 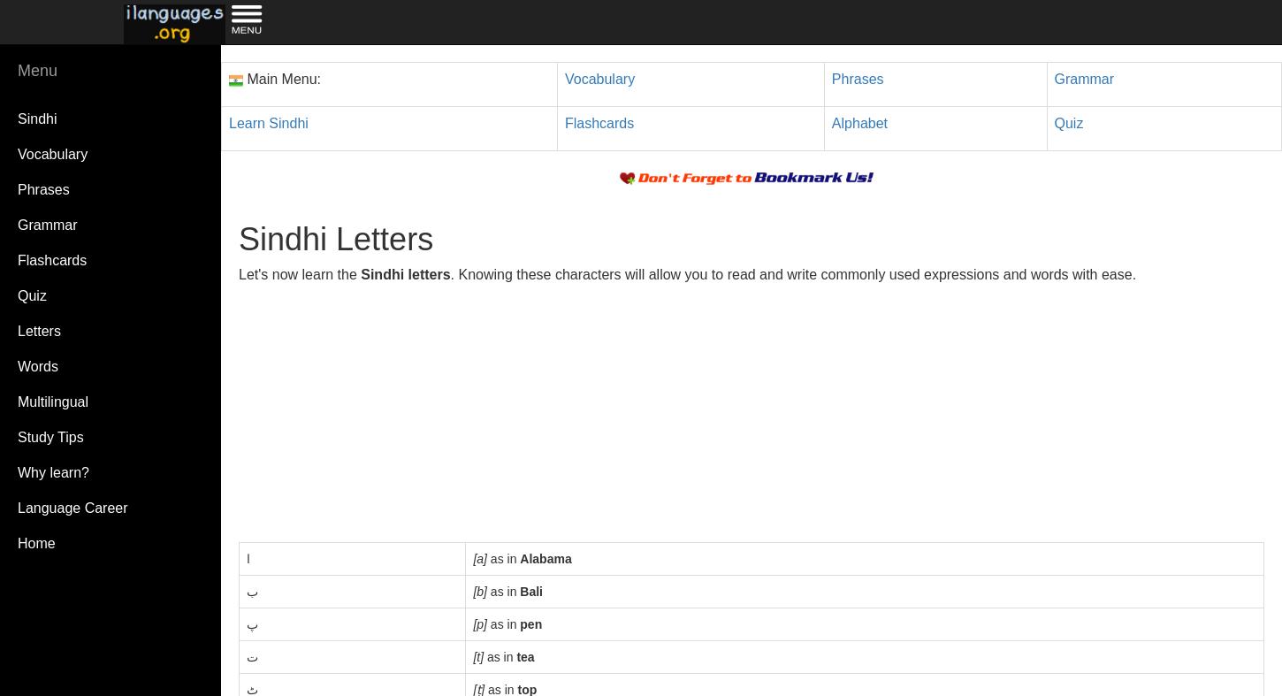 I want to click on 'Alphabet', so click(x=858, y=122).